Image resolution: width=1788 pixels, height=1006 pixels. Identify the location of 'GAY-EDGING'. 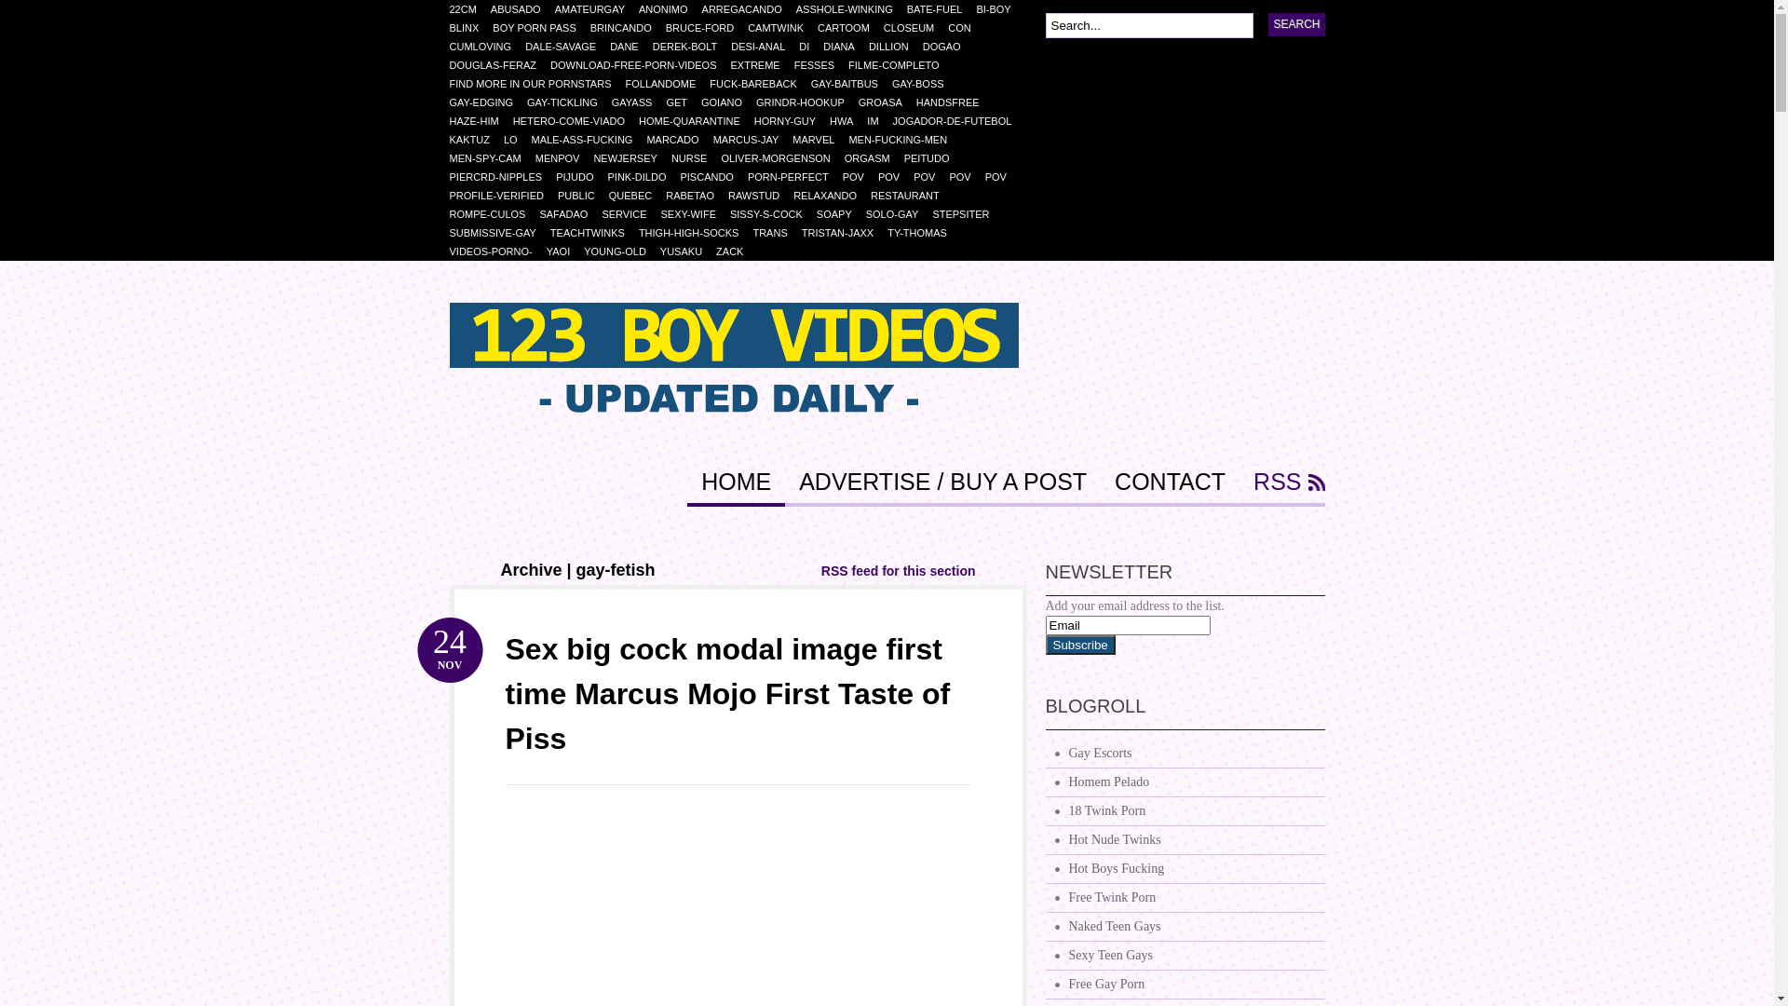
(448, 102).